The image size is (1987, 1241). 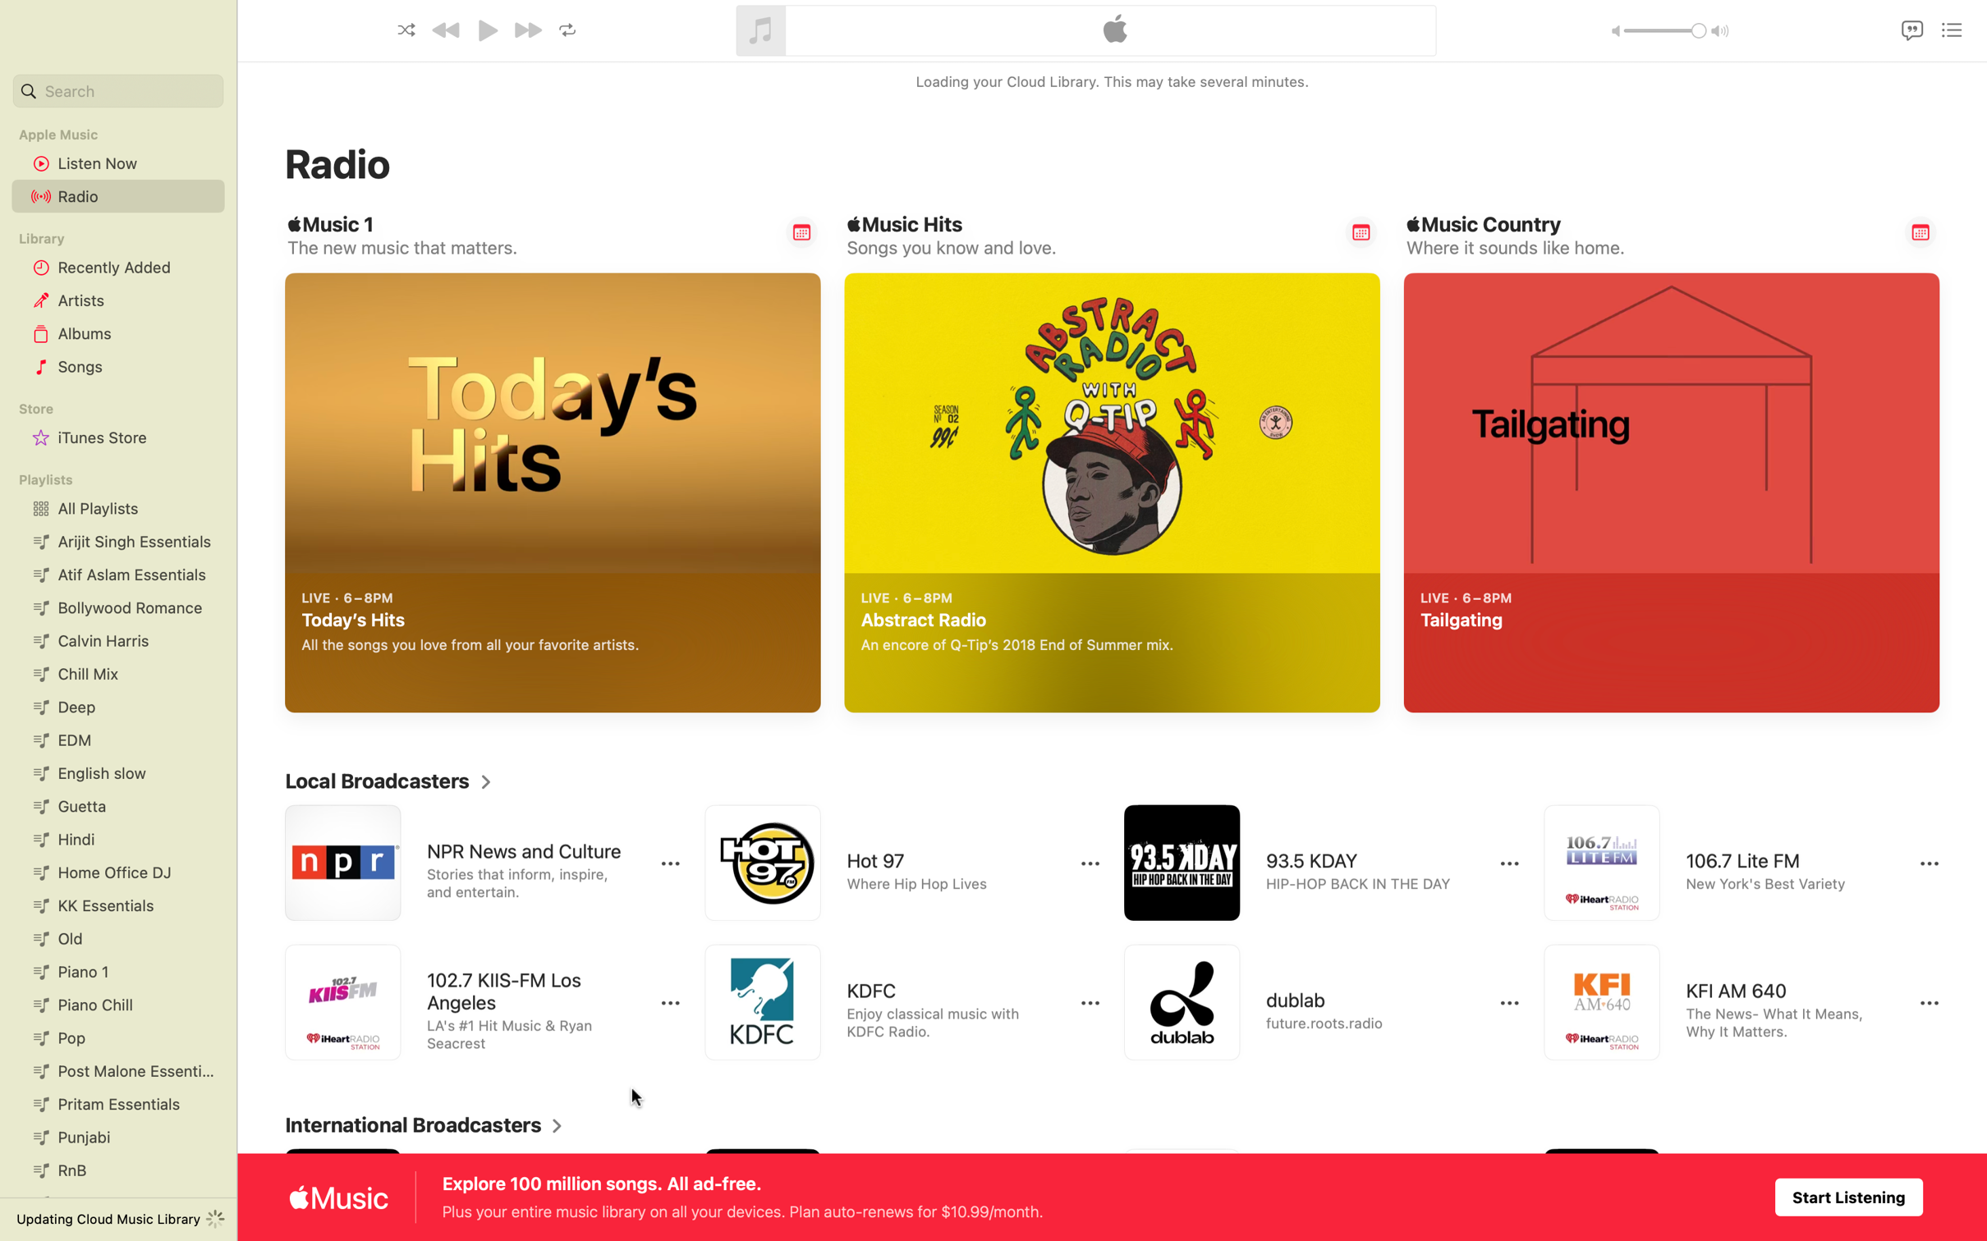 I want to click on Move the cursor over Abstract Radio, so click(x=3734566, y=1032512).